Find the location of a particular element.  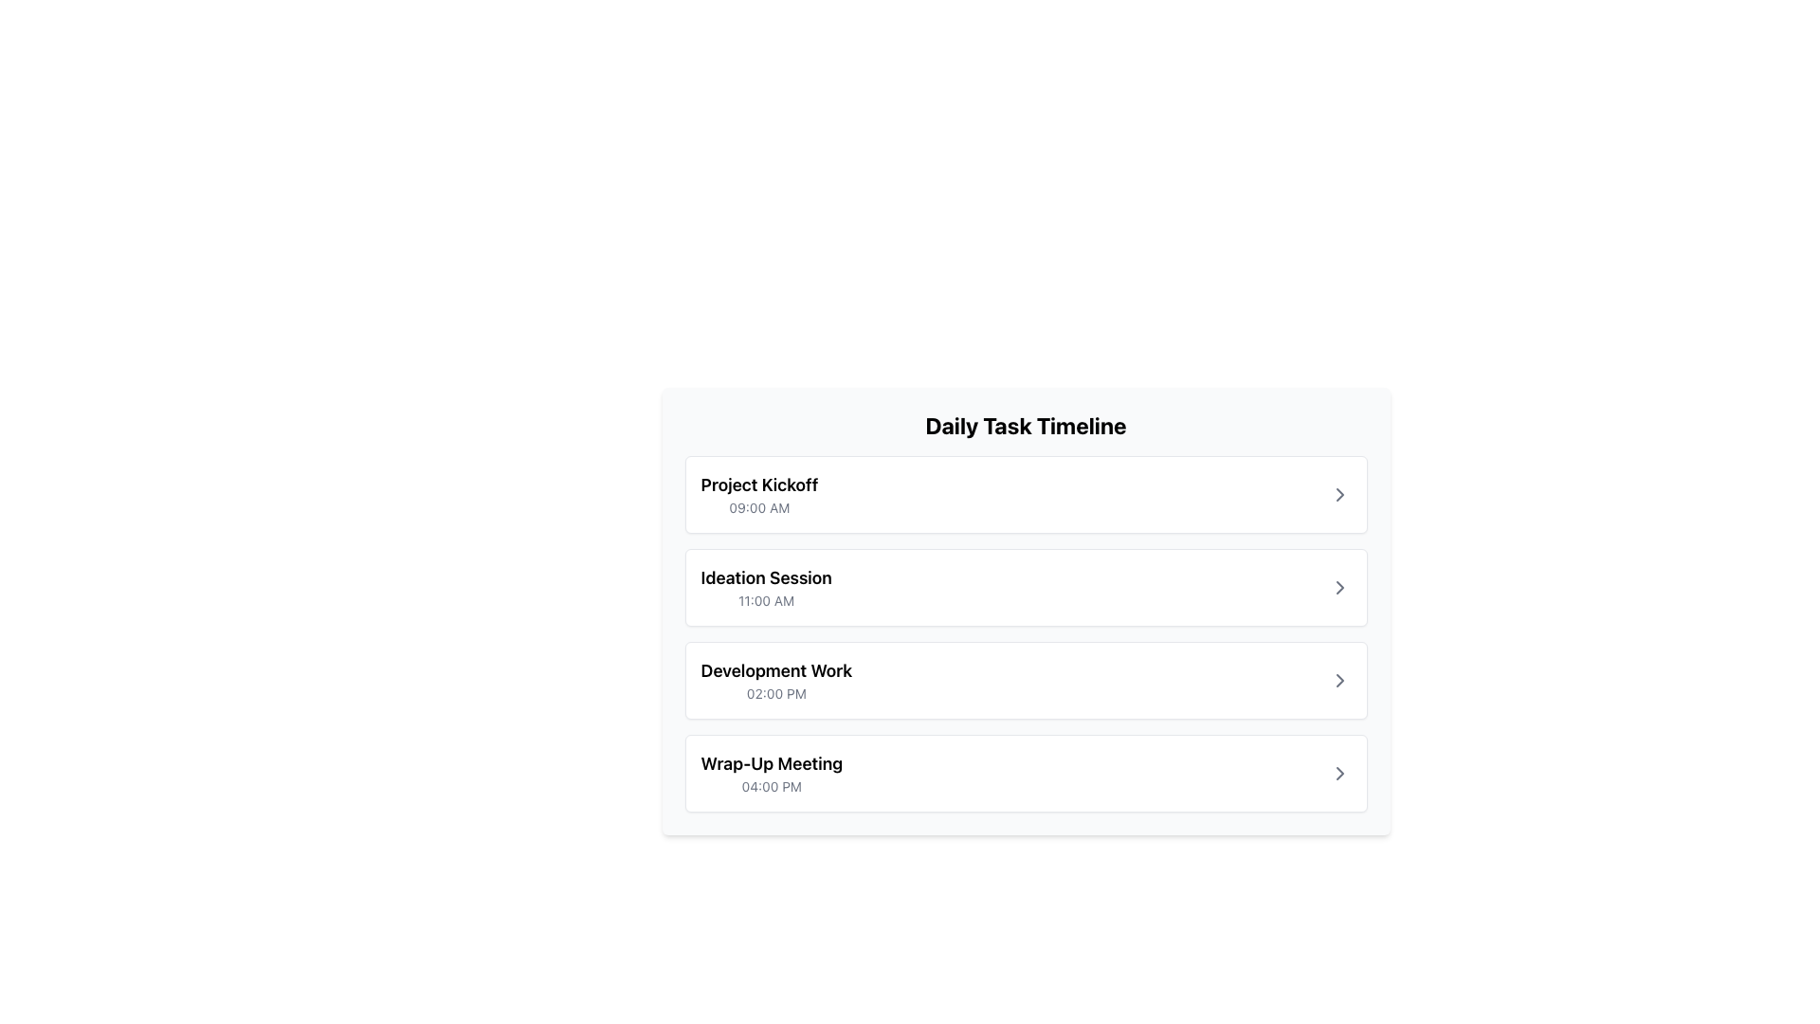

information from the third Text label group in the 'Daily Task Timeline' section, which represents a scheduled task between 'Ideation Session' at 11:00 AM and 'Wrap-Up Meeting' at 4:00 PM is located at coordinates (776, 679).